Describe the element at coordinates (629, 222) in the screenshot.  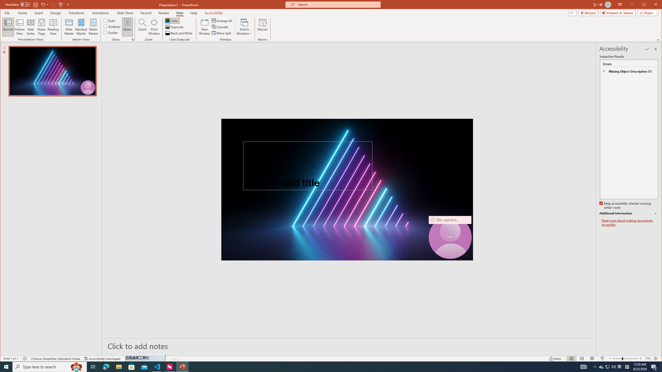
I see `'Read more about making documents accessible'` at that location.